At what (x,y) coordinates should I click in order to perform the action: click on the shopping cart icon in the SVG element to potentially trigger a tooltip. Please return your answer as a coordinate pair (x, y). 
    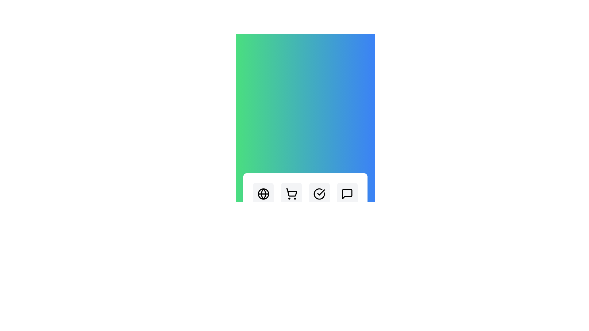
    Looking at the image, I should click on (291, 192).